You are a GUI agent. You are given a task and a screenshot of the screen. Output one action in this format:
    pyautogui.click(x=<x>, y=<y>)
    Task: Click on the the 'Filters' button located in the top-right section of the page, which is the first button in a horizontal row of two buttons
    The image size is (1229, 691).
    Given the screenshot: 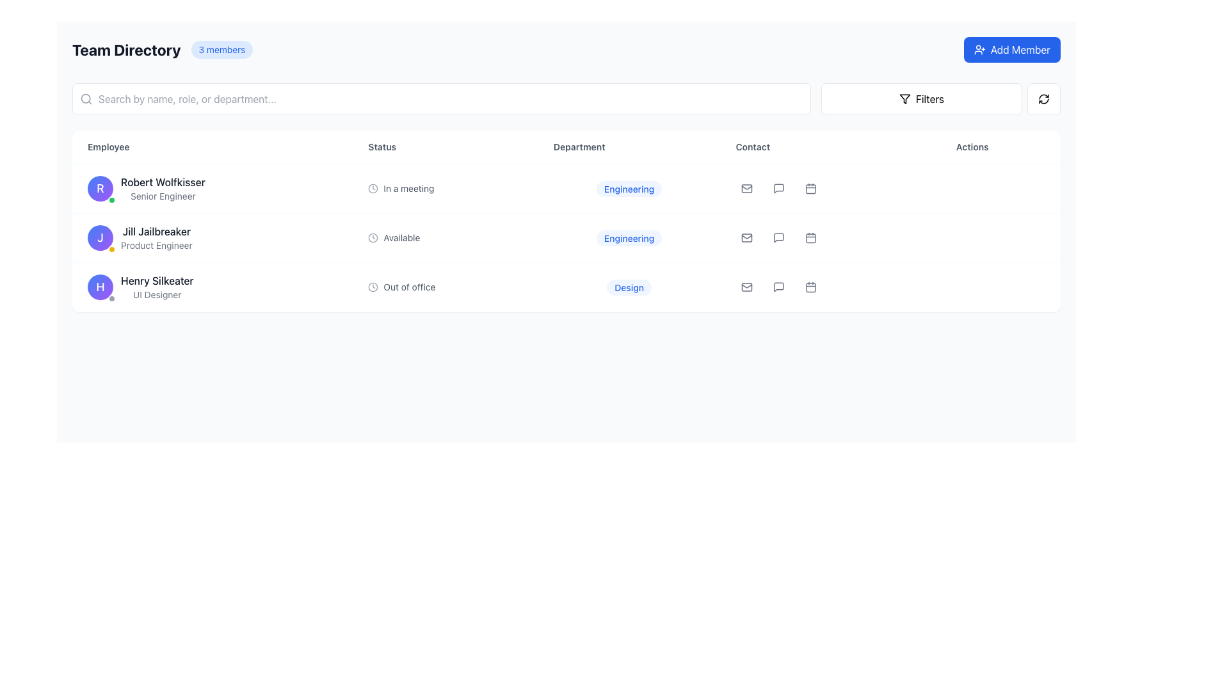 What is the action you would take?
    pyautogui.click(x=922, y=98)
    